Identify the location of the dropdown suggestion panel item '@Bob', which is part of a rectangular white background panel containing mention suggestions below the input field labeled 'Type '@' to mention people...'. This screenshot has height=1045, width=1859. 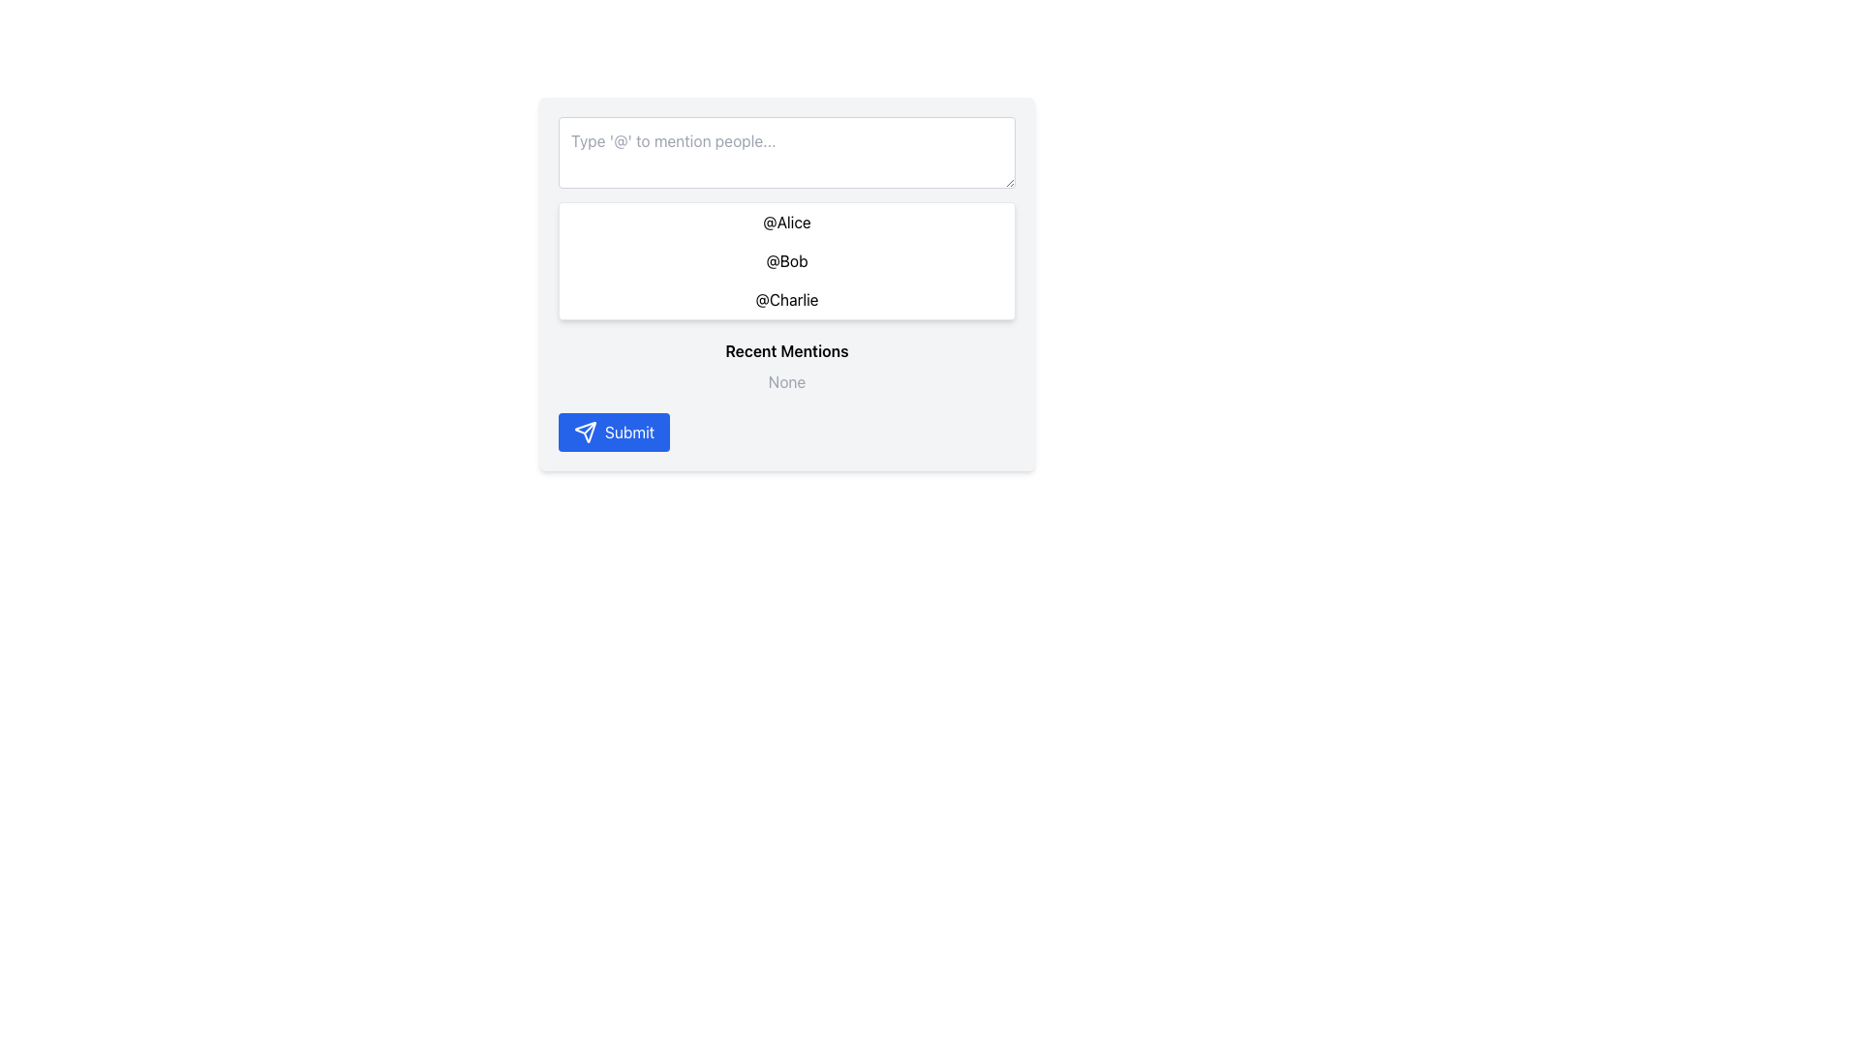
(786, 261).